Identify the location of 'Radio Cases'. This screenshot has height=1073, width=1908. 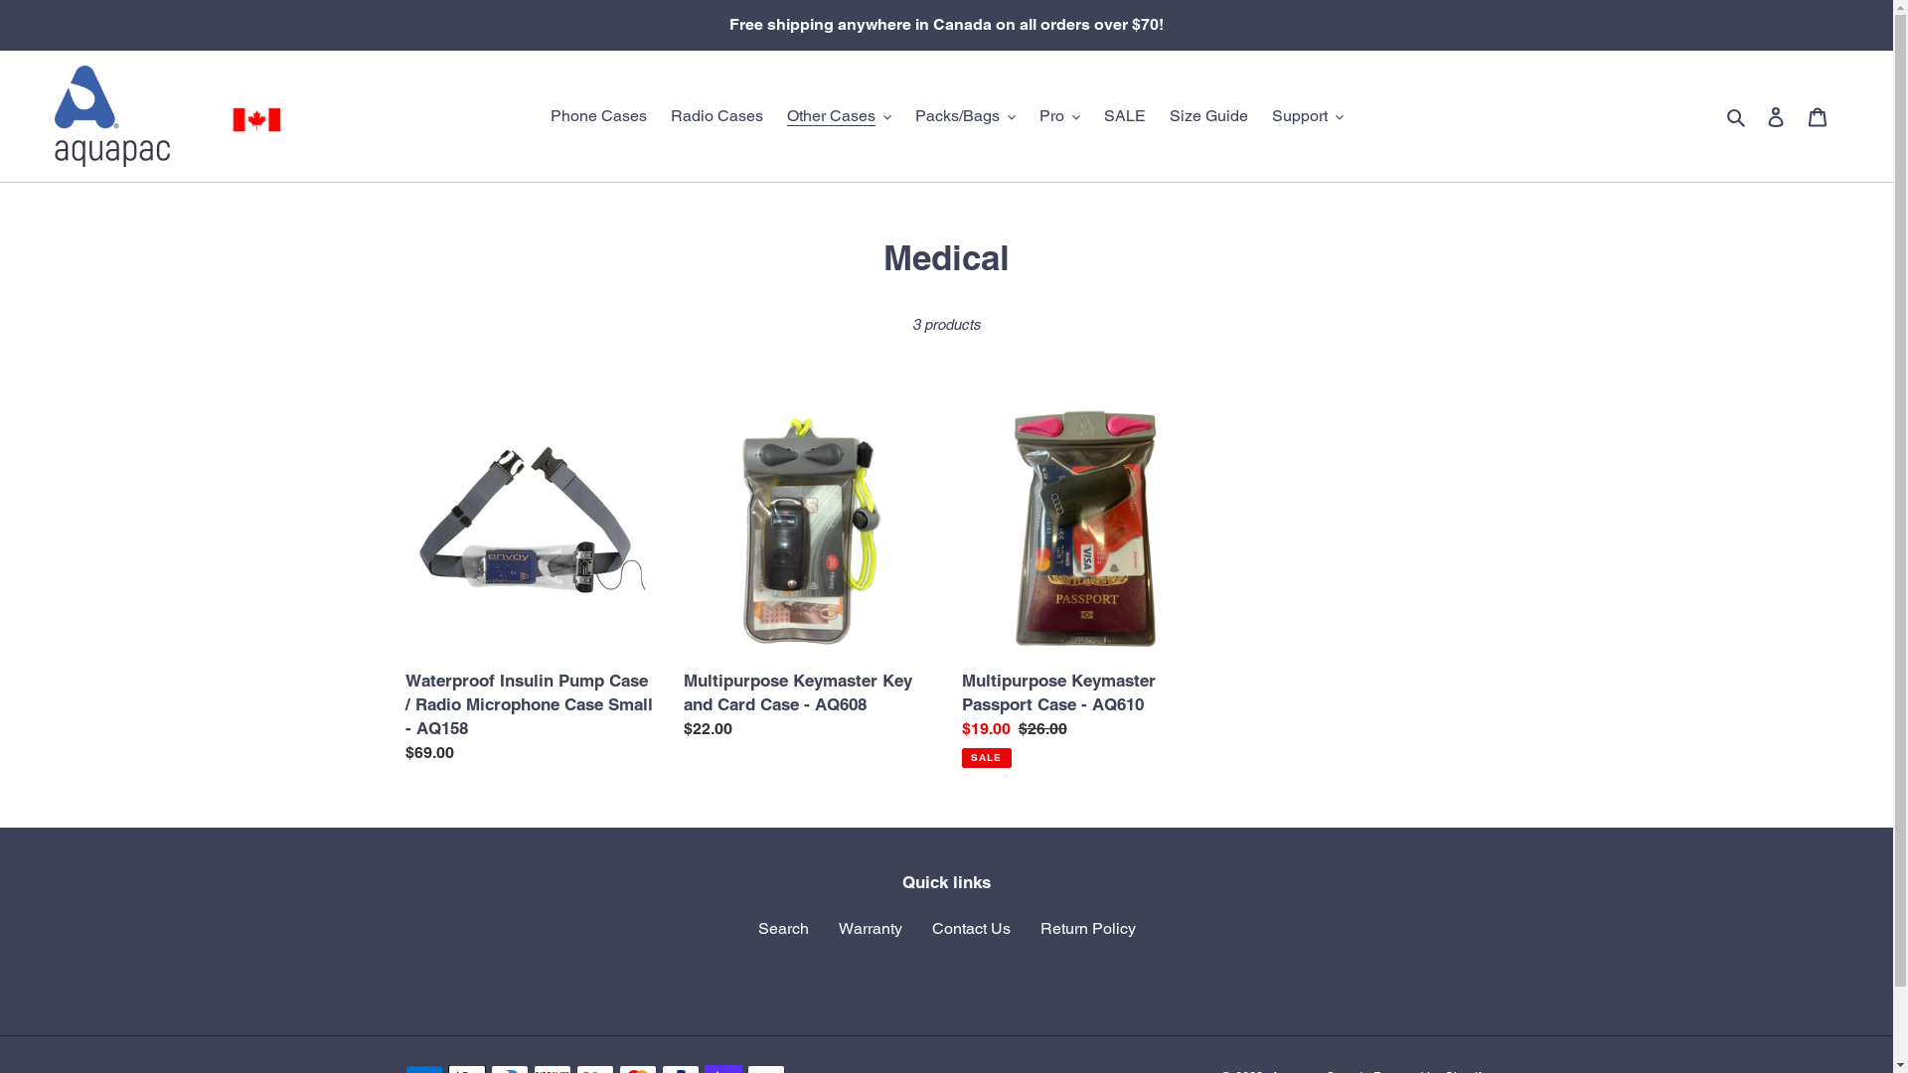
(715, 115).